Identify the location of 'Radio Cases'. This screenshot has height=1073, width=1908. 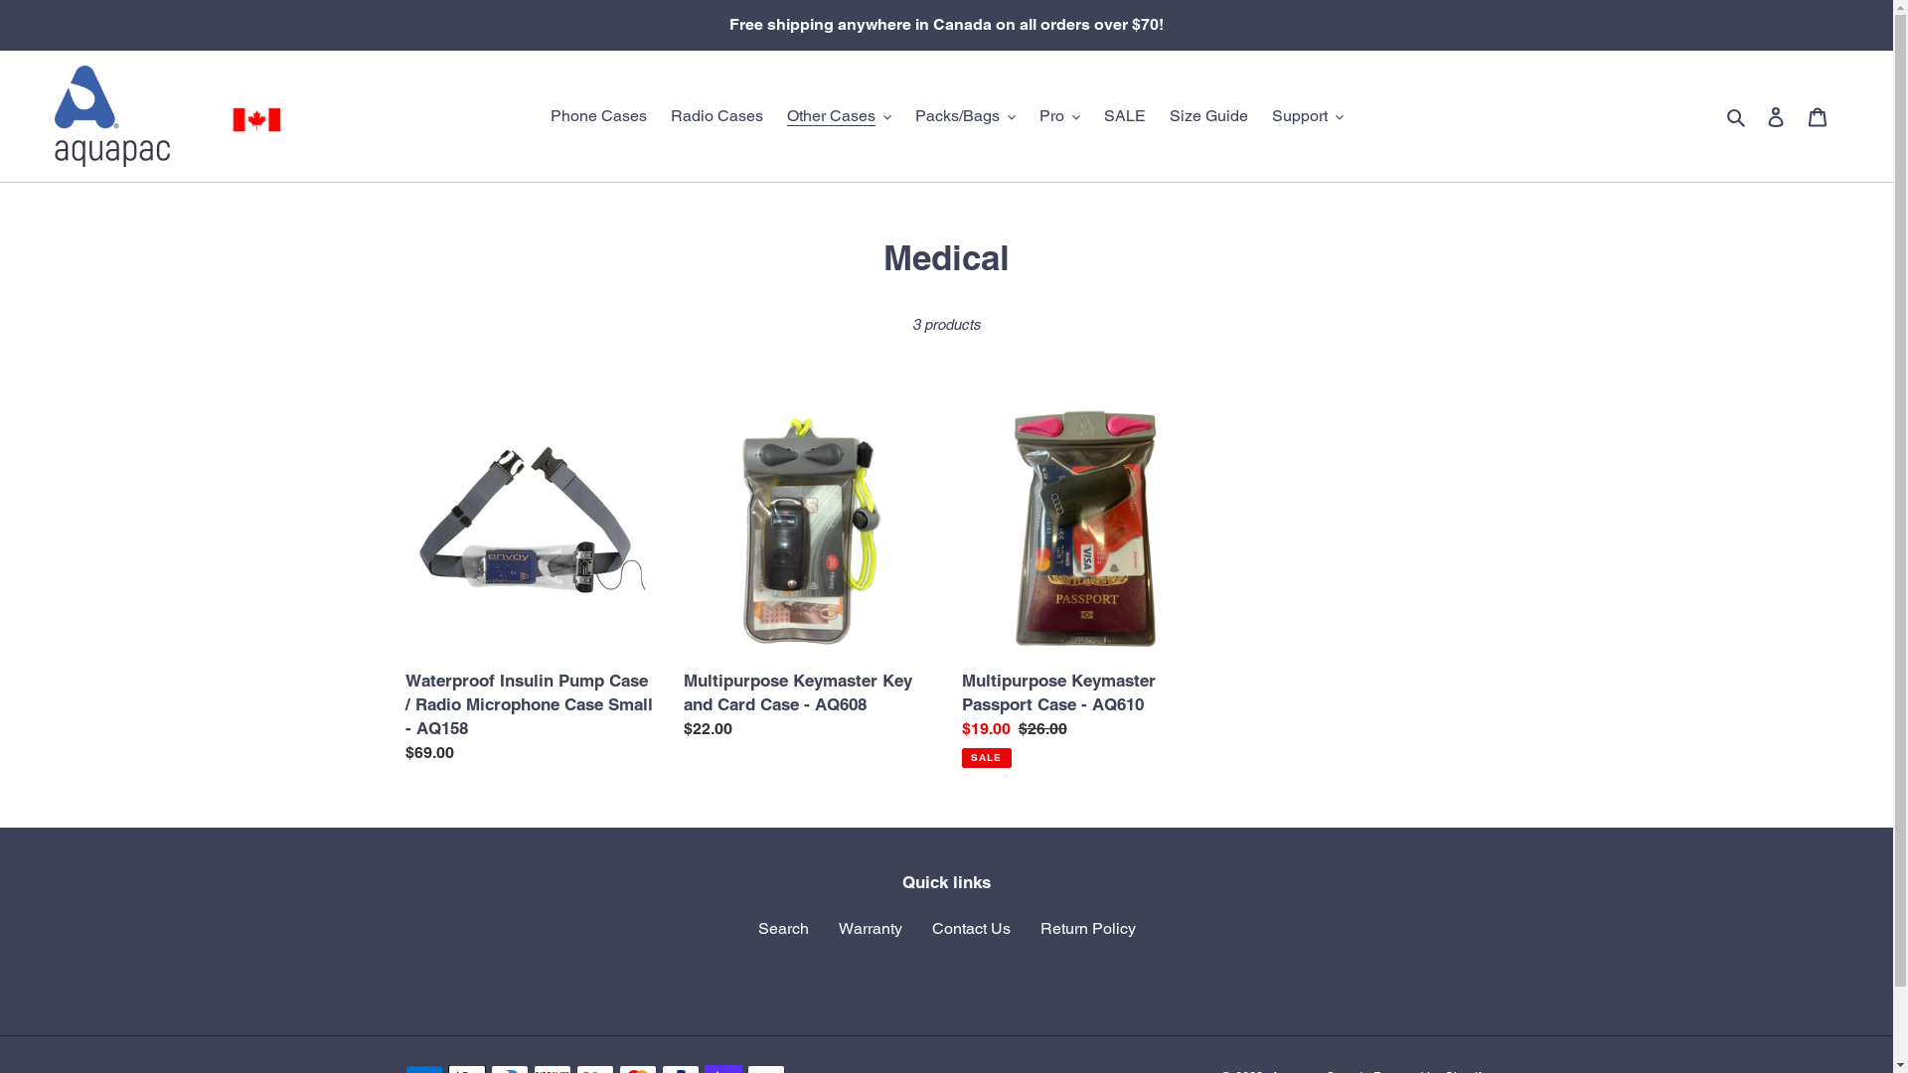
(715, 115).